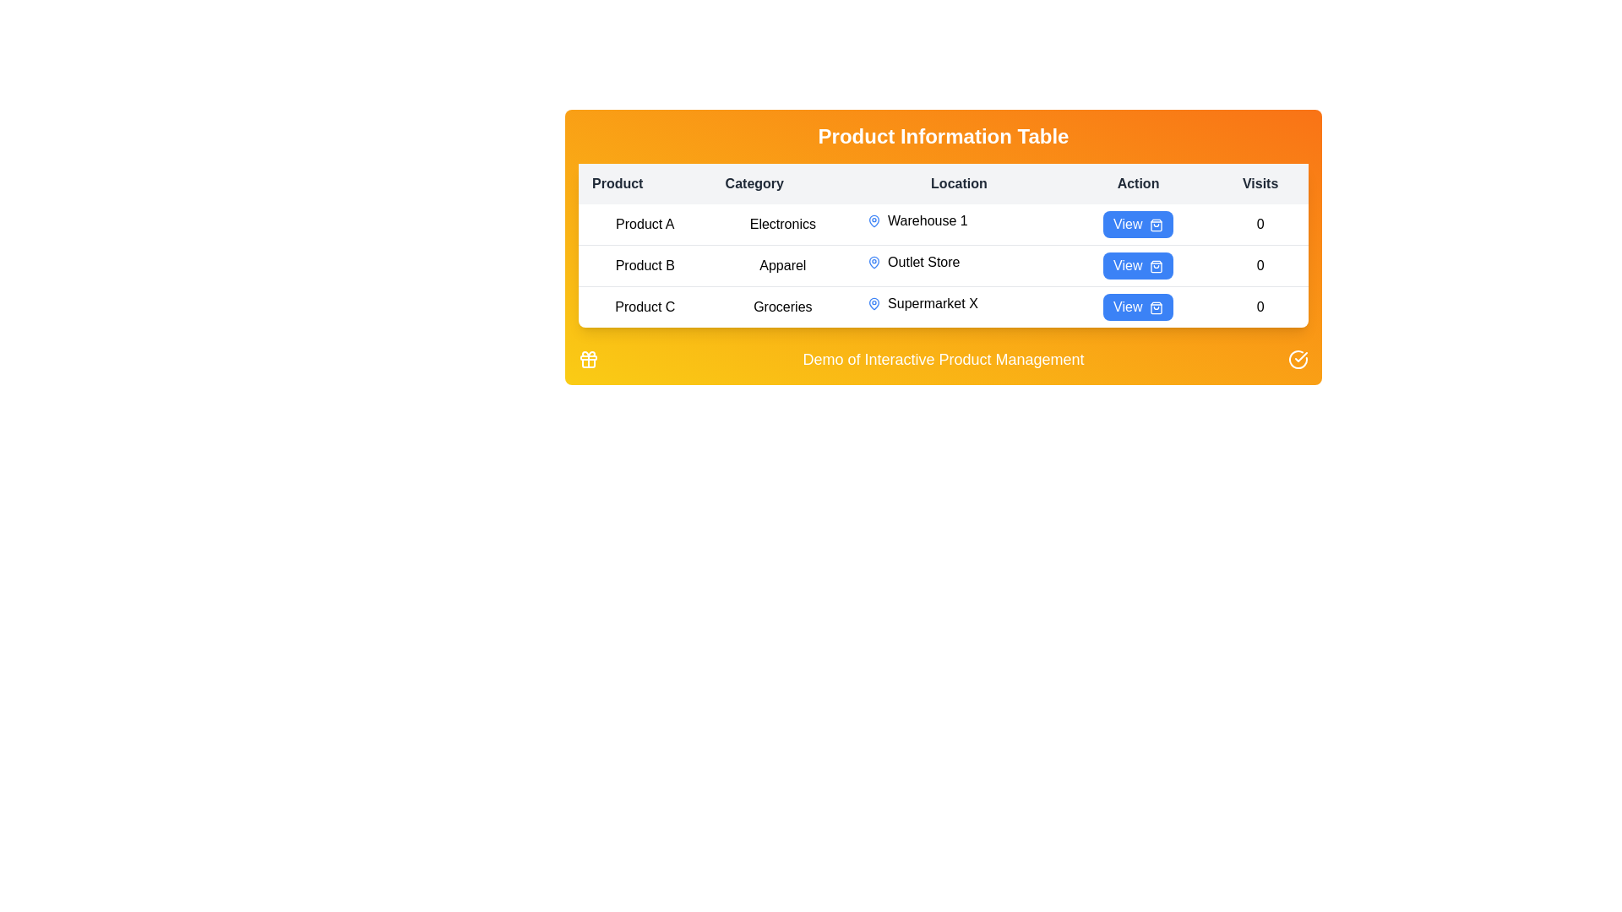  Describe the element at coordinates (1260, 224) in the screenshot. I see `the text display field that shows the number of visits for 'Product A' located in the last column of the table, positioned towards the upper right section` at that location.